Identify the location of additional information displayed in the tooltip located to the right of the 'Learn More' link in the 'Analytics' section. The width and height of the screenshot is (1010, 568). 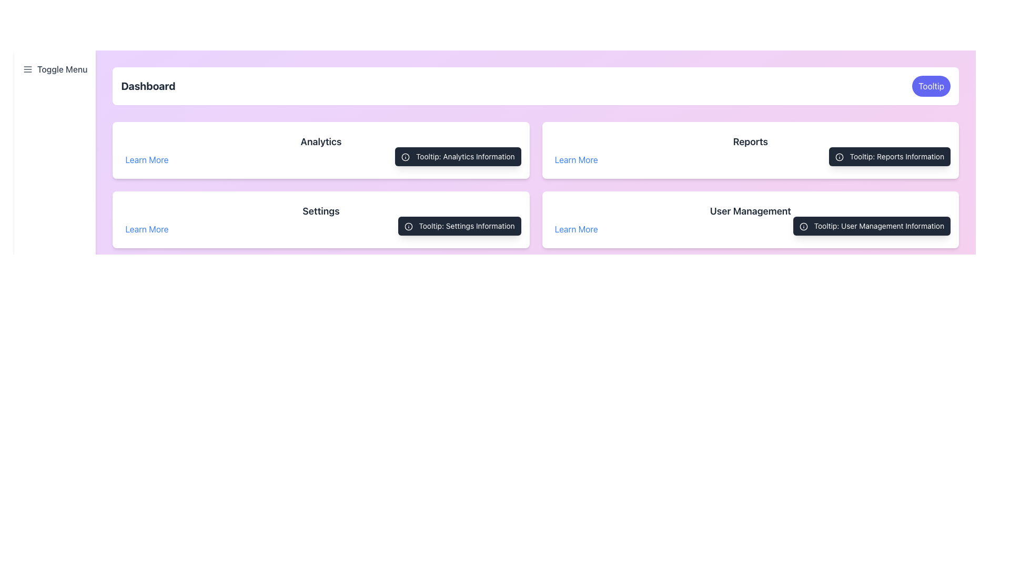
(458, 156).